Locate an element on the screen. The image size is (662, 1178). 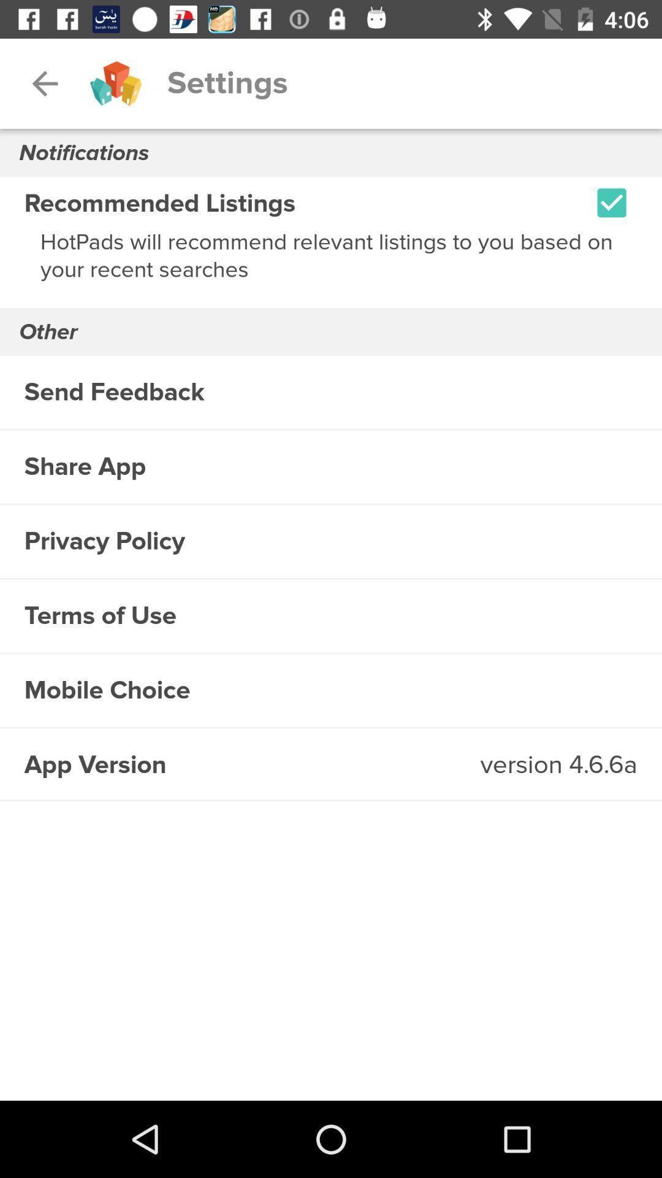
check box for recommended listings is located at coordinates (612, 202).